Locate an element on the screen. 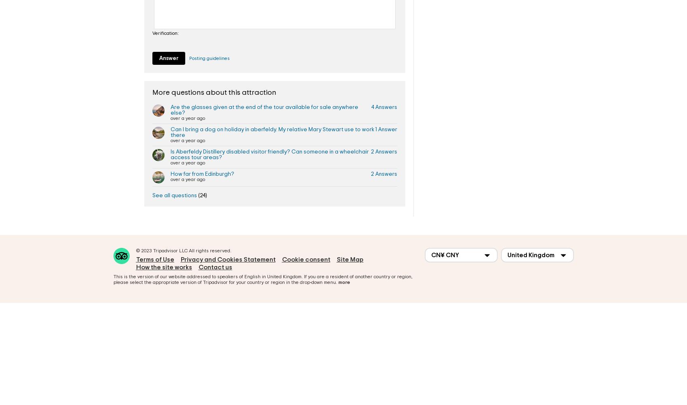 The width and height of the screenshot is (687, 405). 'in' is located at coordinates (263, 276).